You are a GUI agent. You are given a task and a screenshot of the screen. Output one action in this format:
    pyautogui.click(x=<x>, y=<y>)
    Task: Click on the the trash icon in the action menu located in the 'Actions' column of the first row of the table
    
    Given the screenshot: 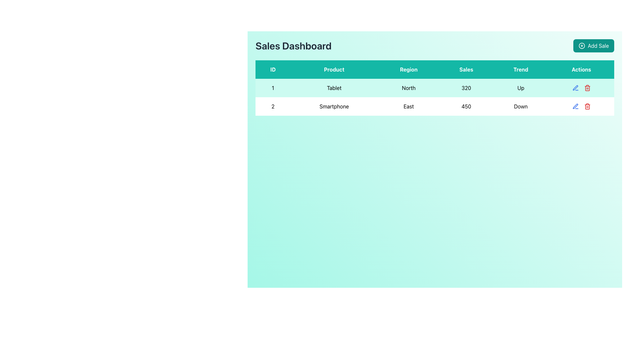 What is the action you would take?
    pyautogui.click(x=581, y=87)
    